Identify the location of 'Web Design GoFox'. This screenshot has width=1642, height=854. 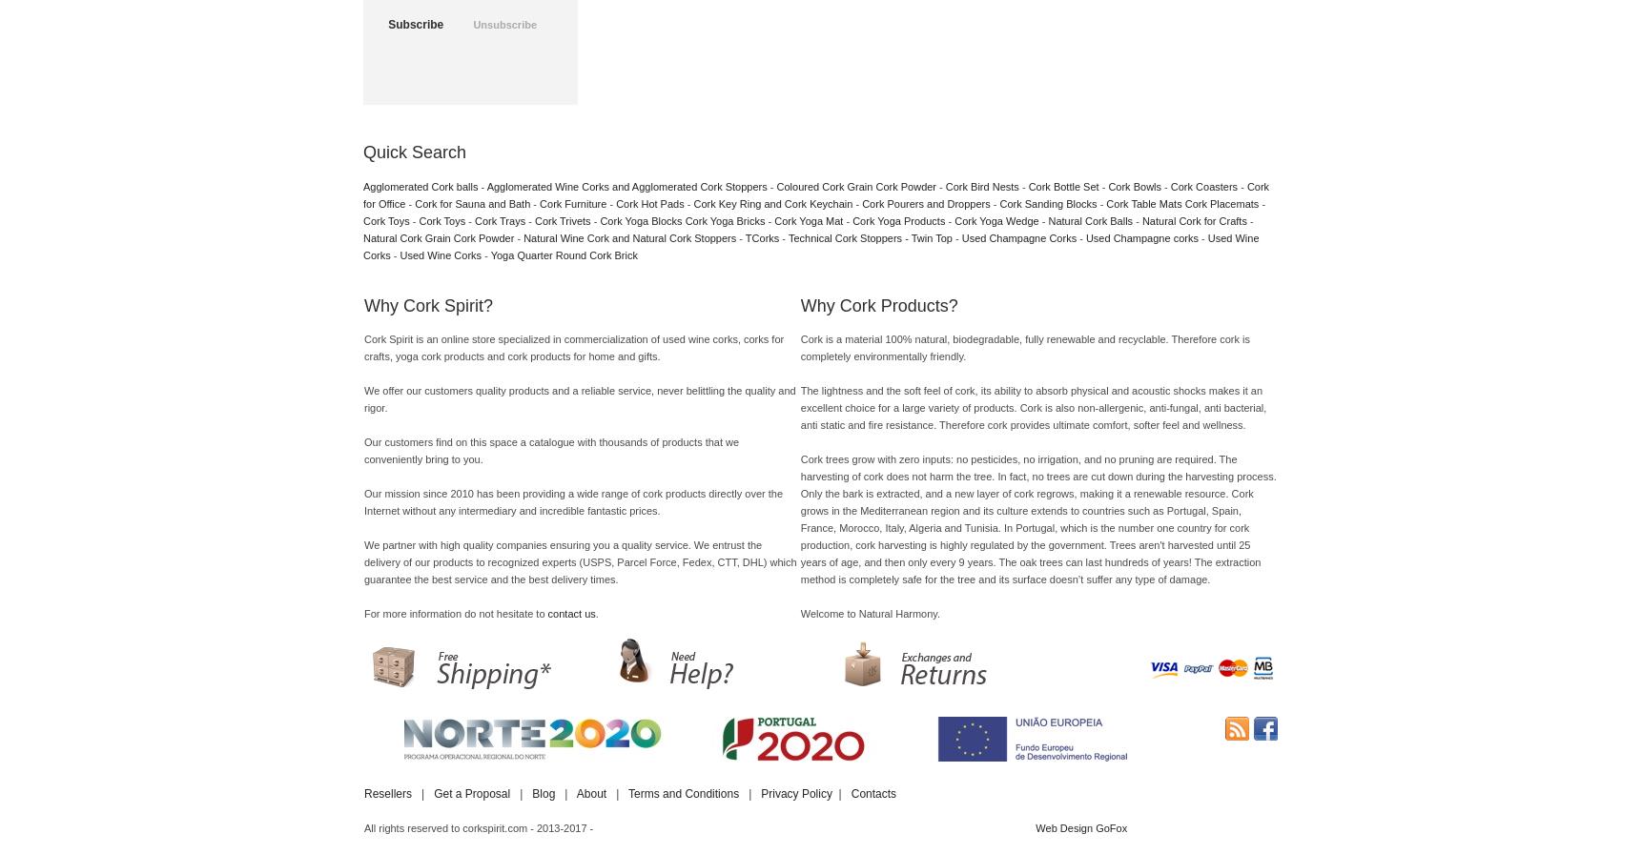
(1035, 828).